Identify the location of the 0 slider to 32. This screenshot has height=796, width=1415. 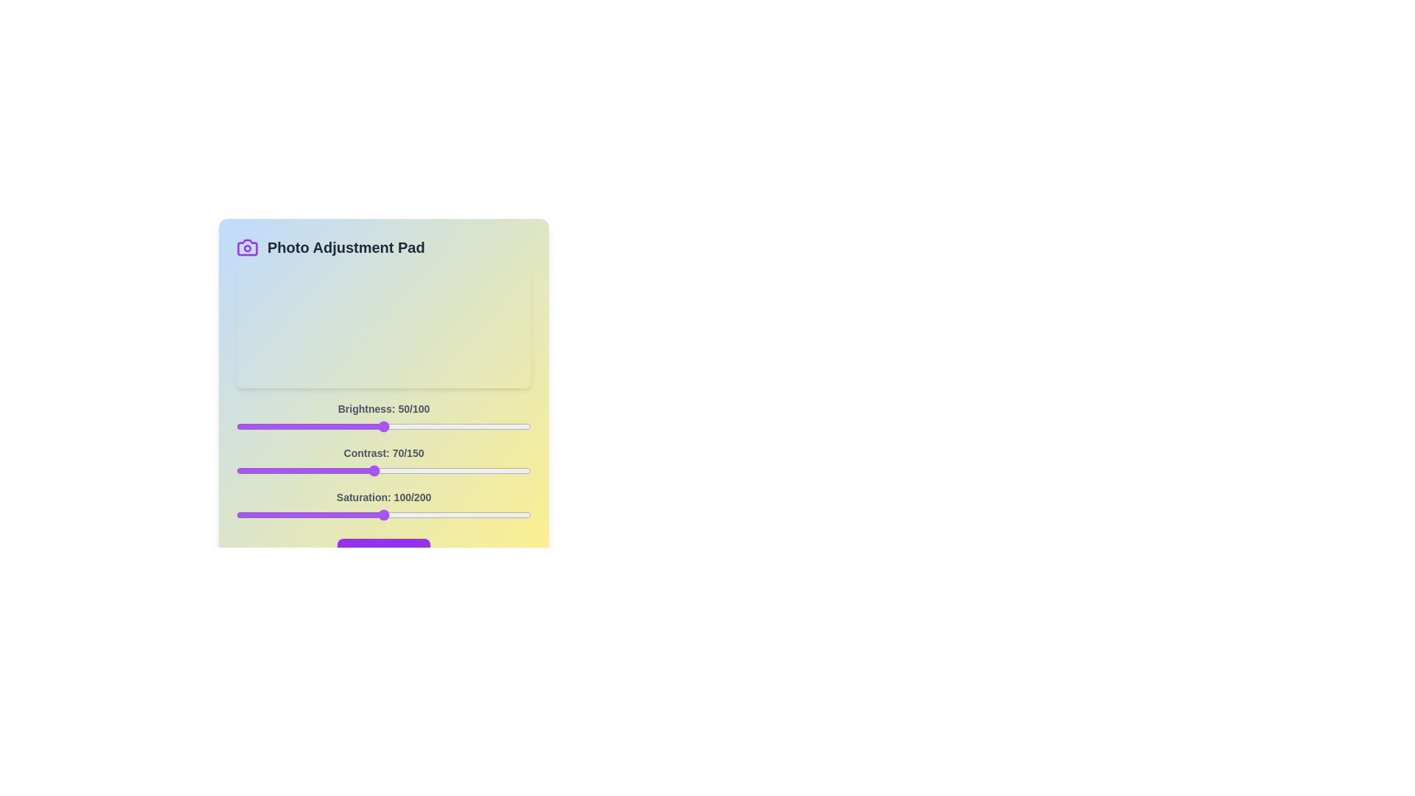
(330, 426).